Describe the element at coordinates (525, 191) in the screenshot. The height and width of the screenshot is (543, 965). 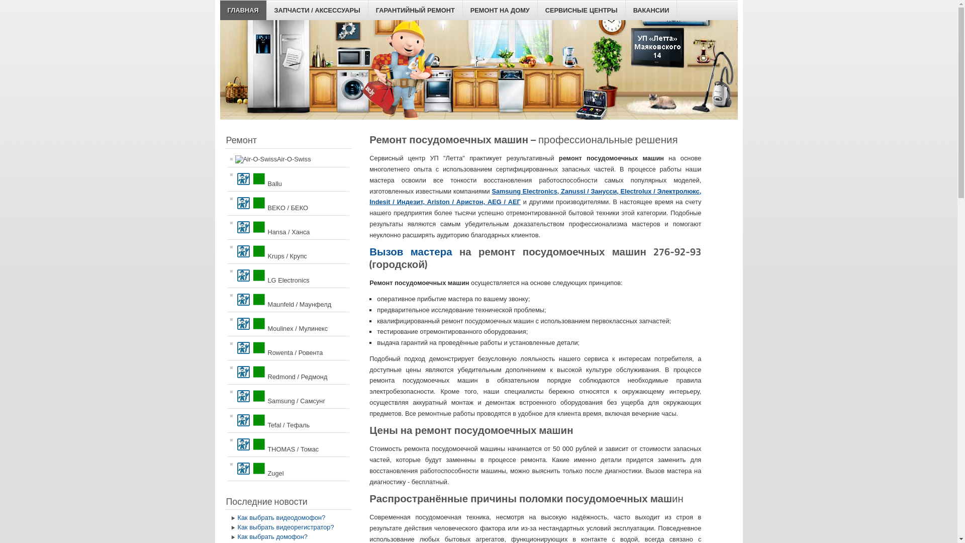
I see `'Samsung Electronics,'` at that location.